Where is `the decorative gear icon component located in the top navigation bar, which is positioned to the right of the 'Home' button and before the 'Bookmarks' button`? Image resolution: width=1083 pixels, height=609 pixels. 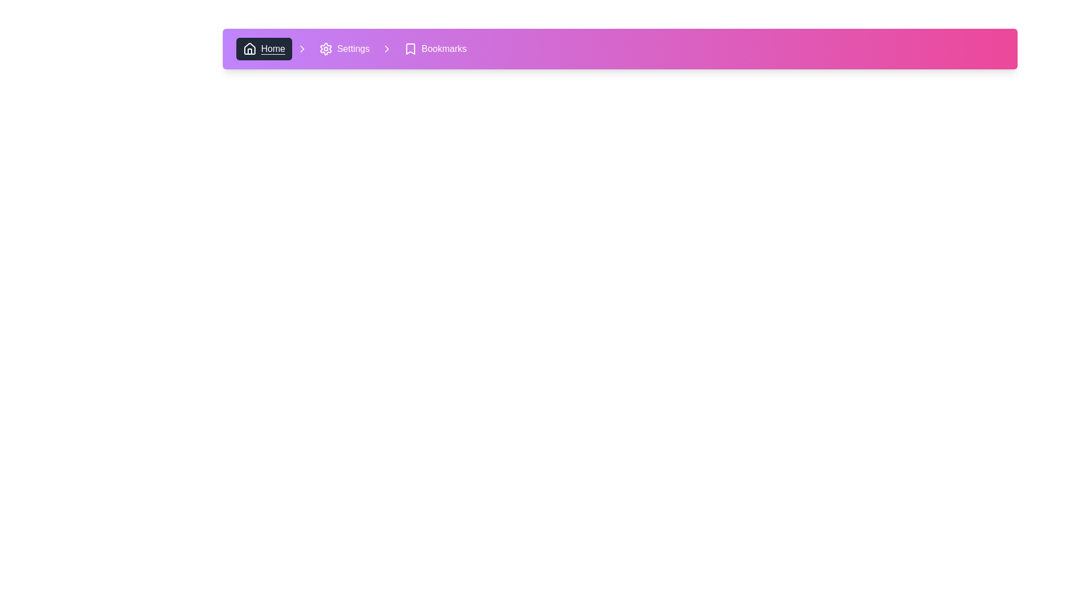
the decorative gear icon component located in the top navigation bar, which is positioned to the right of the 'Home' button and before the 'Bookmarks' button is located at coordinates (325, 48).